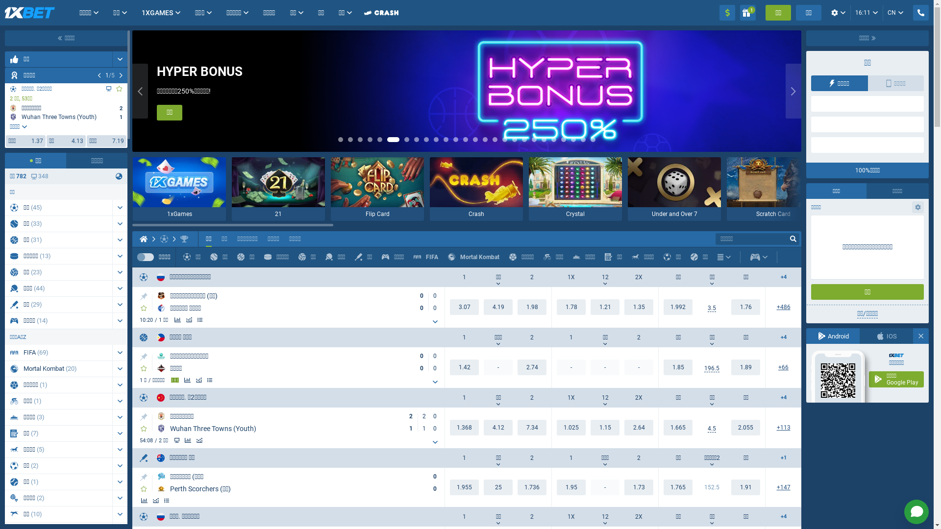 The height and width of the screenshot is (529, 941). What do you see at coordinates (604, 367) in the screenshot?
I see `'-'` at bounding box center [604, 367].